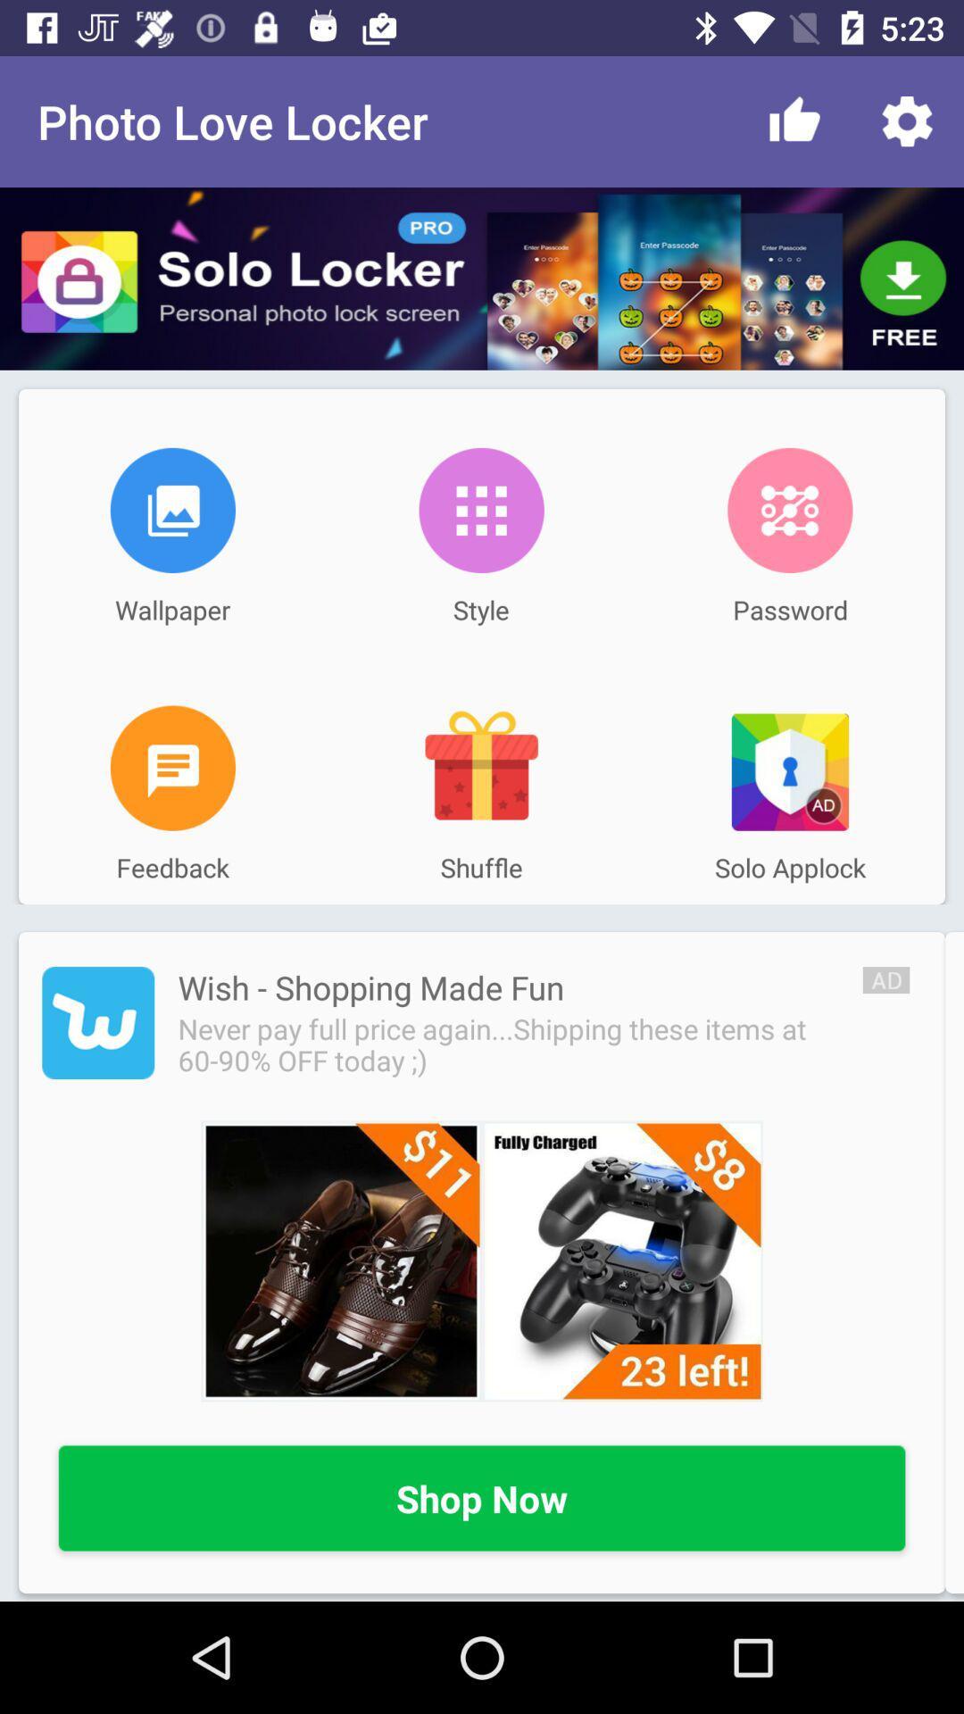 Image resolution: width=964 pixels, height=1714 pixels. Describe the element at coordinates (482, 1260) in the screenshot. I see `wish advertisement` at that location.